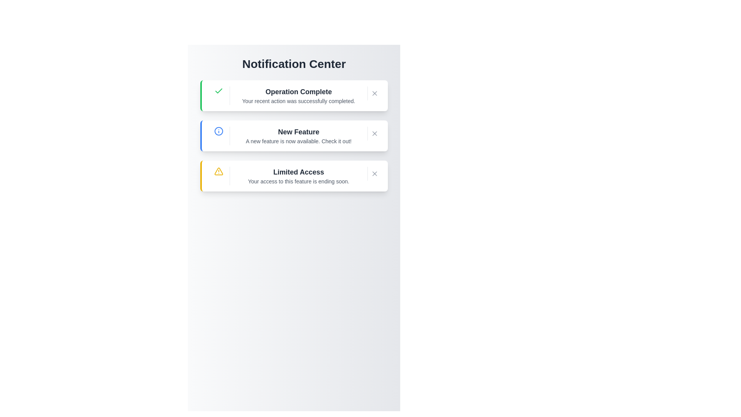 Image resolution: width=741 pixels, height=417 pixels. Describe the element at coordinates (294, 176) in the screenshot. I see `the Notification Card titled 'Limited Access' with a yellow alert icon, located at the bottom of the Notification Center` at that location.